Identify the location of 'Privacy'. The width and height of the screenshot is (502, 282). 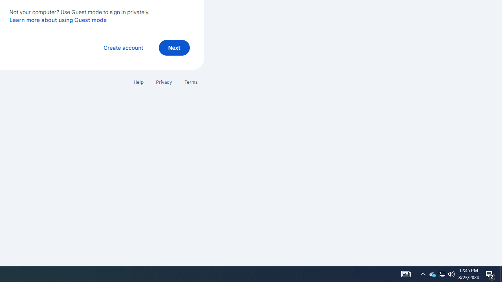
(163, 82).